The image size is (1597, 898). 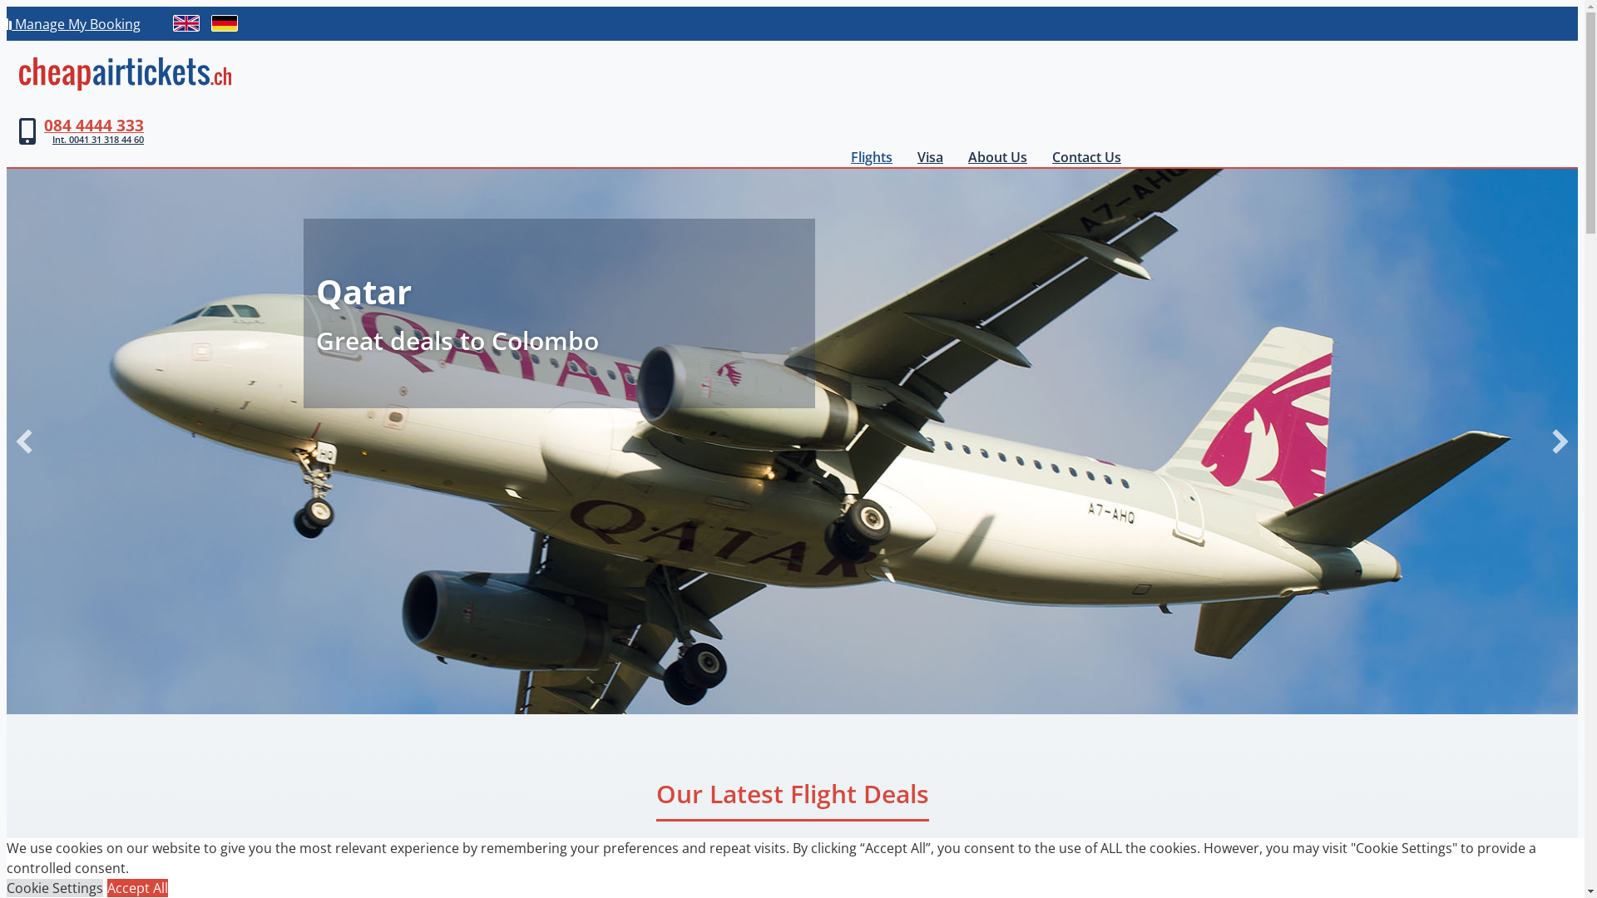 What do you see at coordinates (929, 157) in the screenshot?
I see `'Visa'` at bounding box center [929, 157].